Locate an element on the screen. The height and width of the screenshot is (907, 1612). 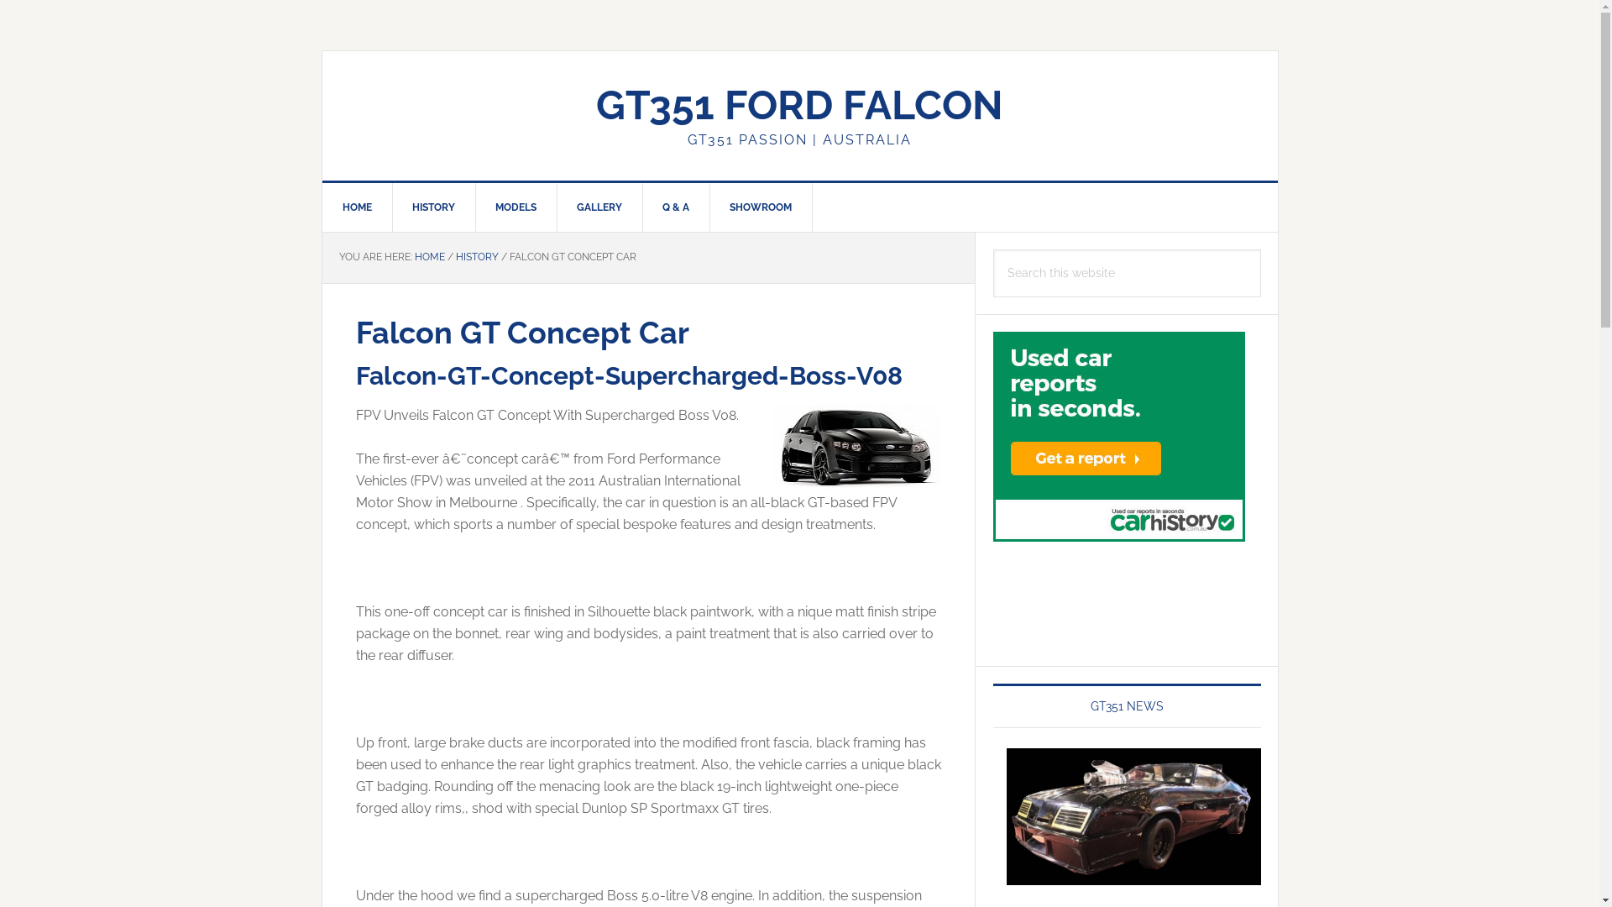
'HOME' is located at coordinates (357, 206).